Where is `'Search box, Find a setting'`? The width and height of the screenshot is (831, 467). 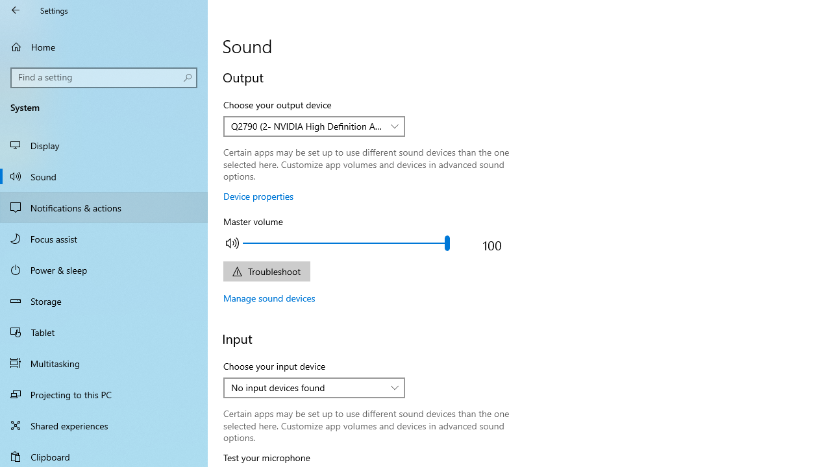 'Search box, Find a setting' is located at coordinates (104, 77).